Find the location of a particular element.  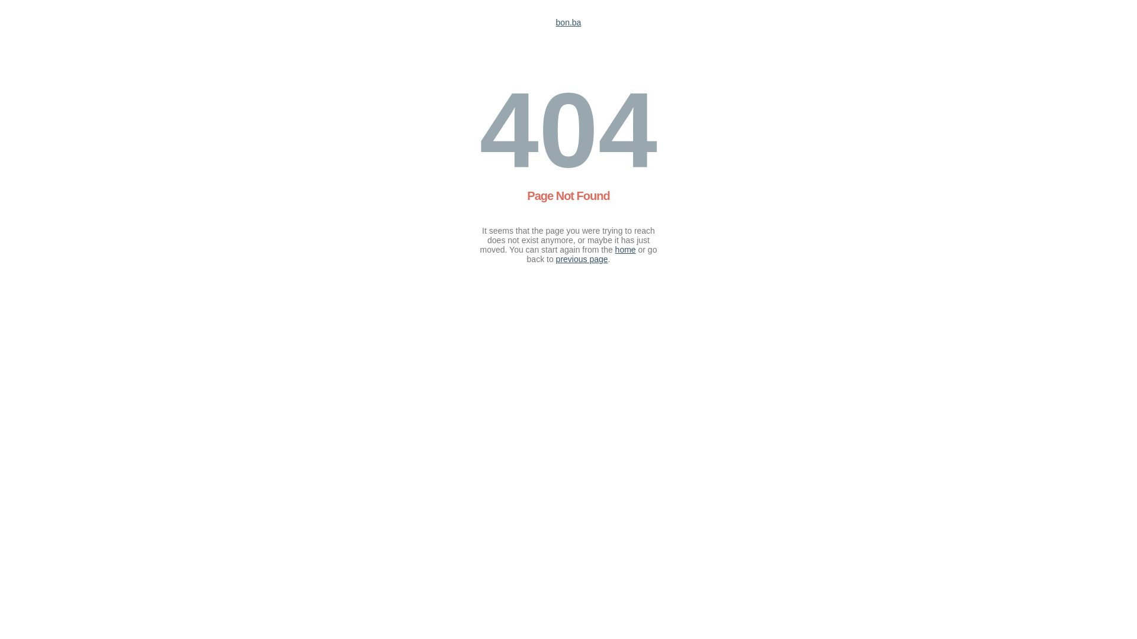

'home' is located at coordinates (625, 248).